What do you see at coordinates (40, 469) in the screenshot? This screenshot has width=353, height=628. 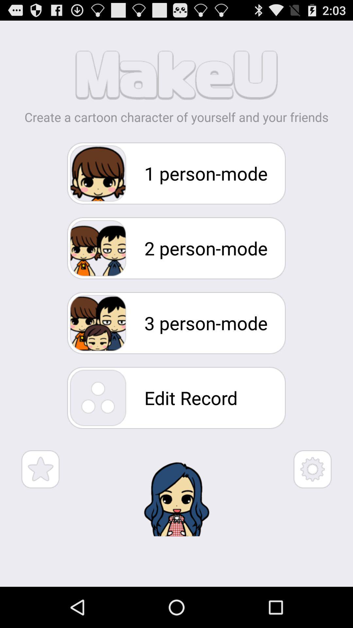 I see `star symbol` at bounding box center [40, 469].